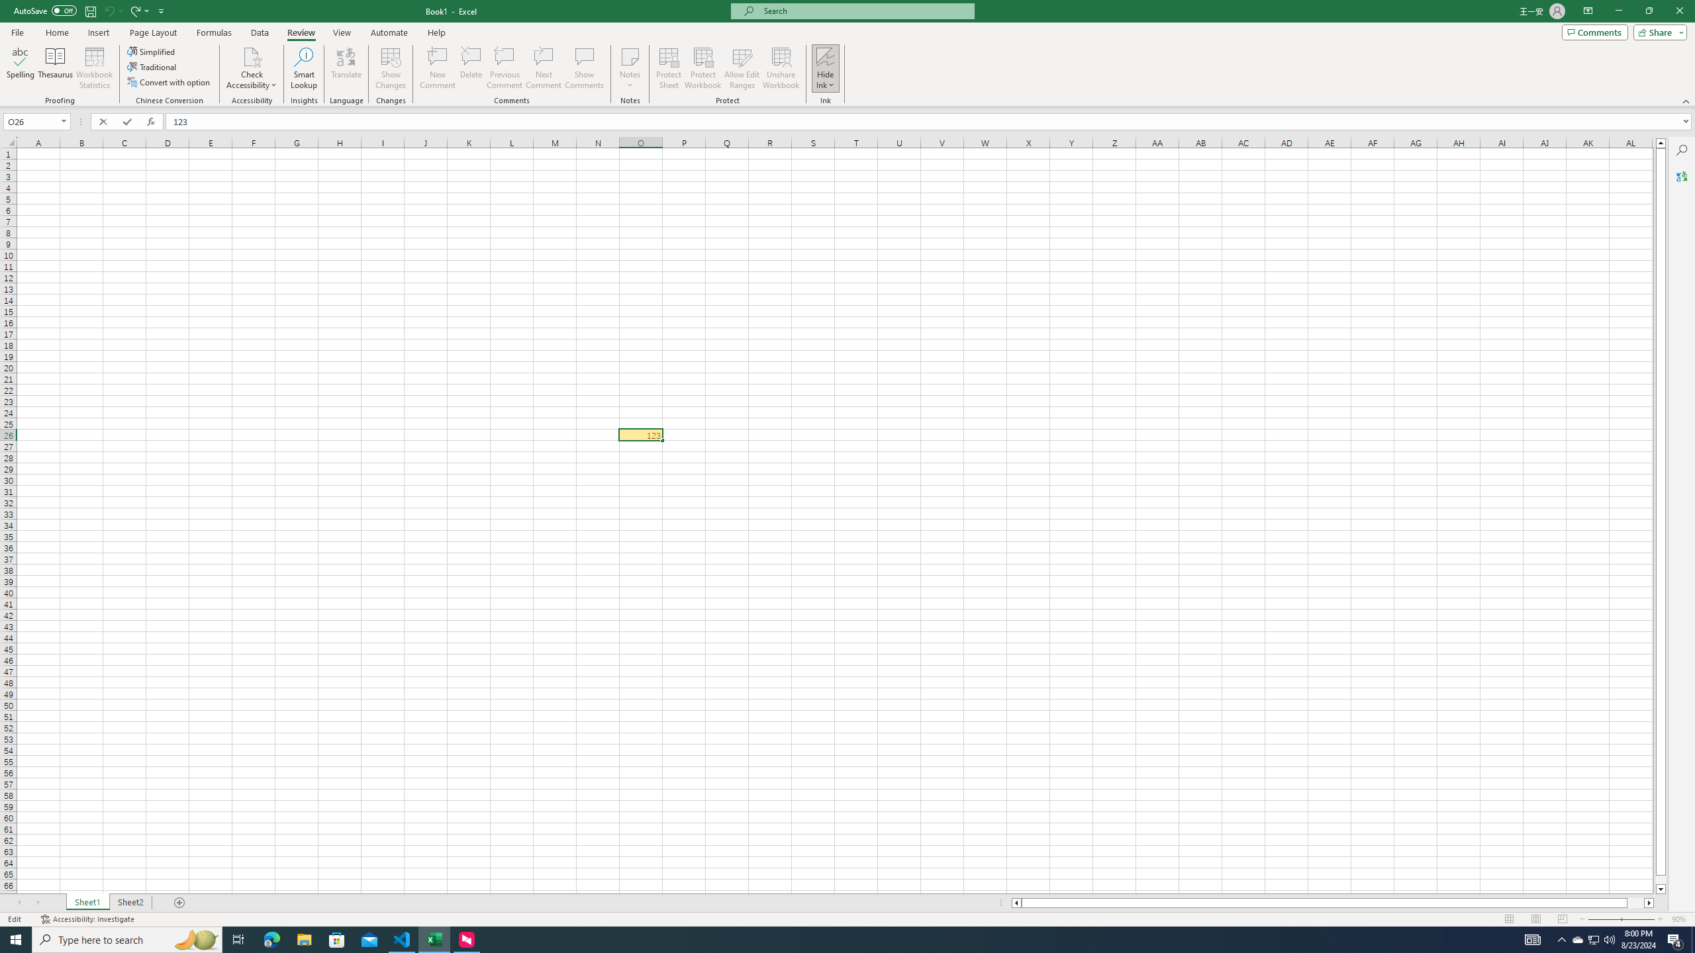 This screenshot has width=1695, height=953. Describe the element at coordinates (1660, 889) in the screenshot. I see `'Line down'` at that location.